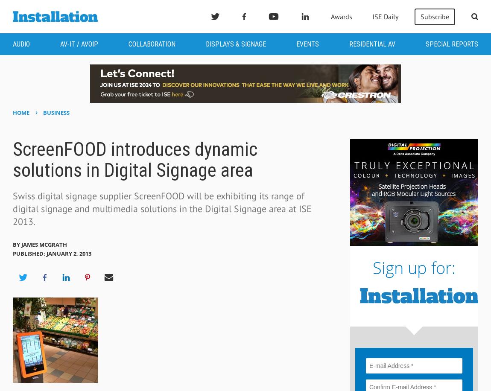 The width and height of the screenshot is (491, 391). Describe the element at coordinates (78, 44) in the screenshot. I see `'AV-IT / AVoIP'` at that location.